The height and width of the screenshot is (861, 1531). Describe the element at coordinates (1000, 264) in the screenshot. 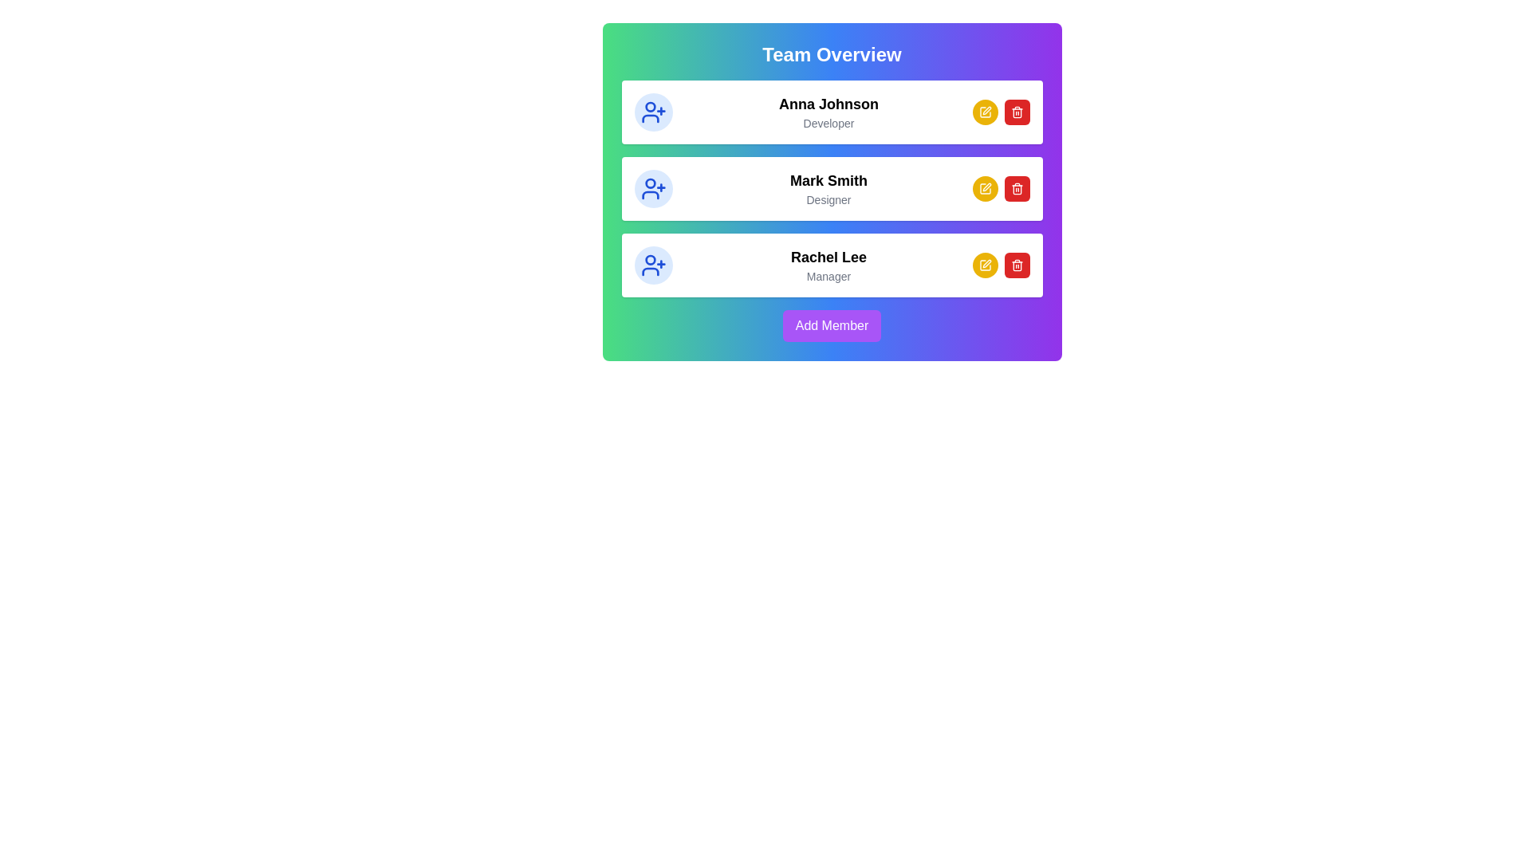

I see `the yellow circular edit button with a white pen icon located in the horizontal grouping of buttons on Rachel Lee's profile card to modify the details` at that location.